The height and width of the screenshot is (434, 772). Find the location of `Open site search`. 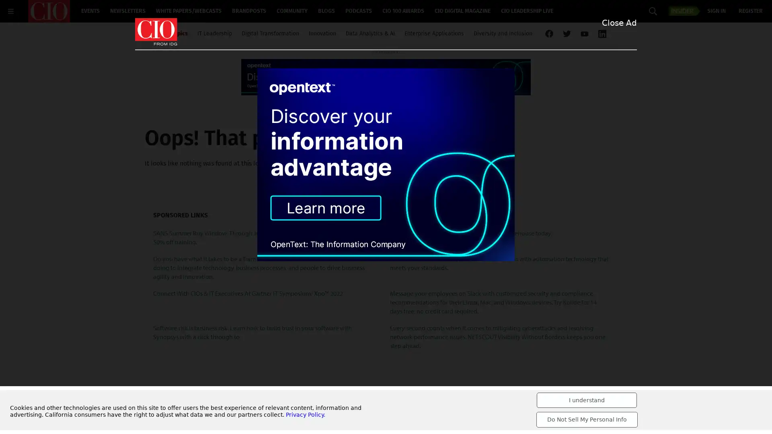

Open site search is located at coordinates (653, 11).